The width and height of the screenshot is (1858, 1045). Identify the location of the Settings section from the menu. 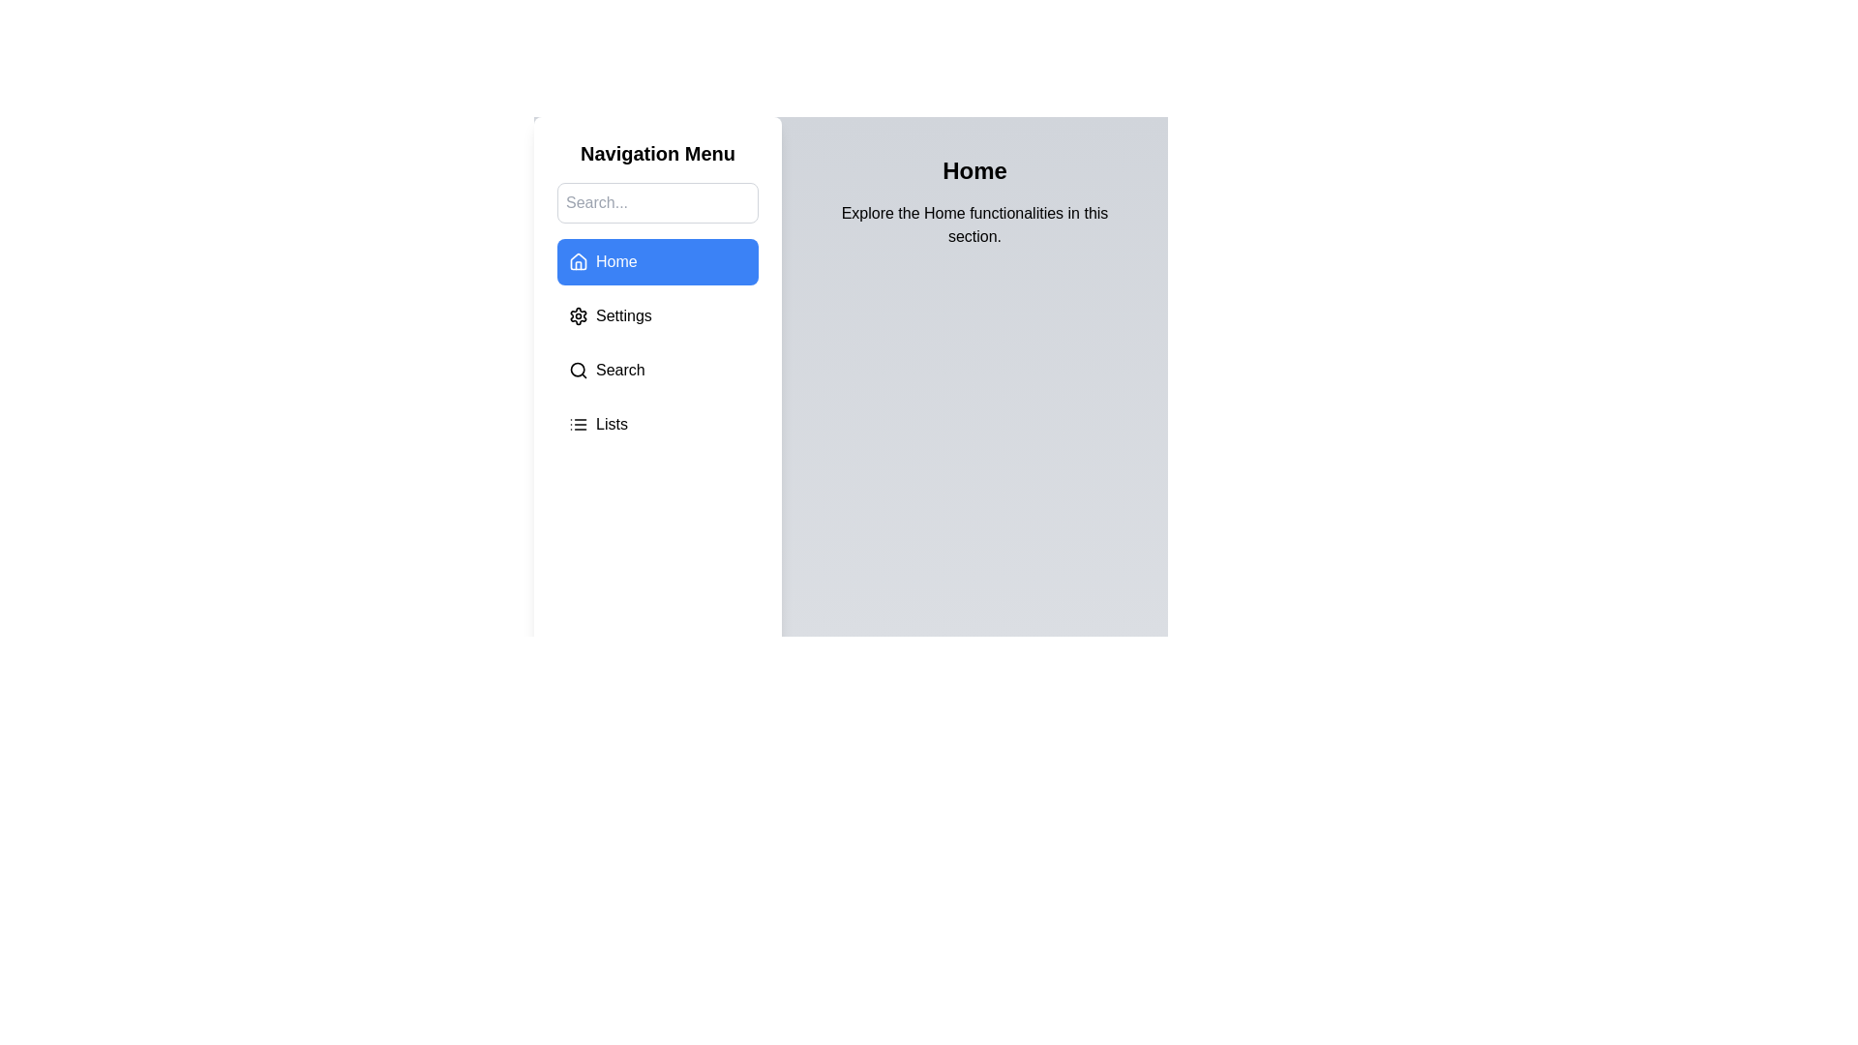
(658, 315).